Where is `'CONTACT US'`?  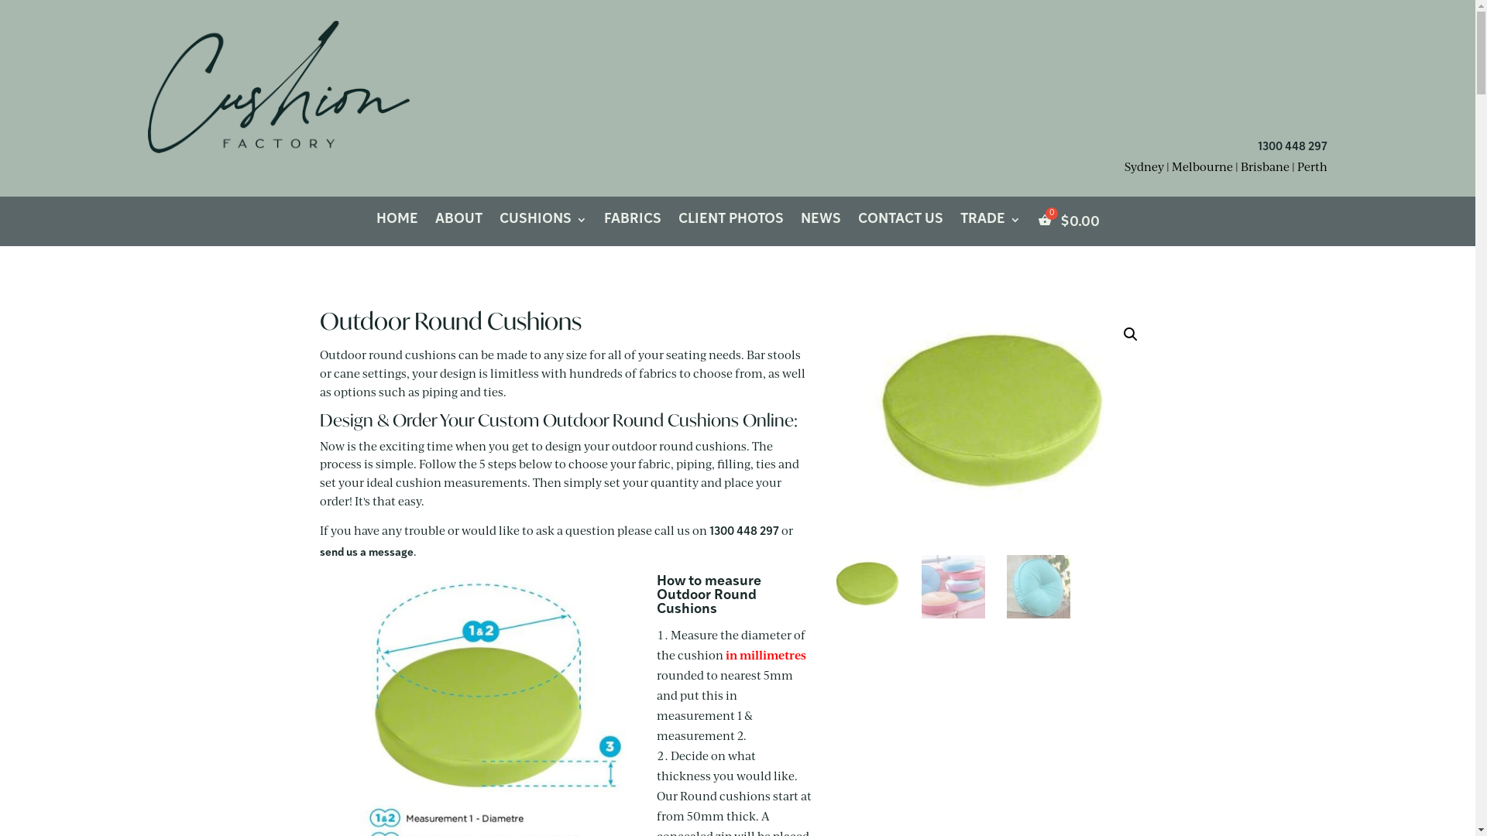 'CONTACT US' is located at coordinates (857, 224).